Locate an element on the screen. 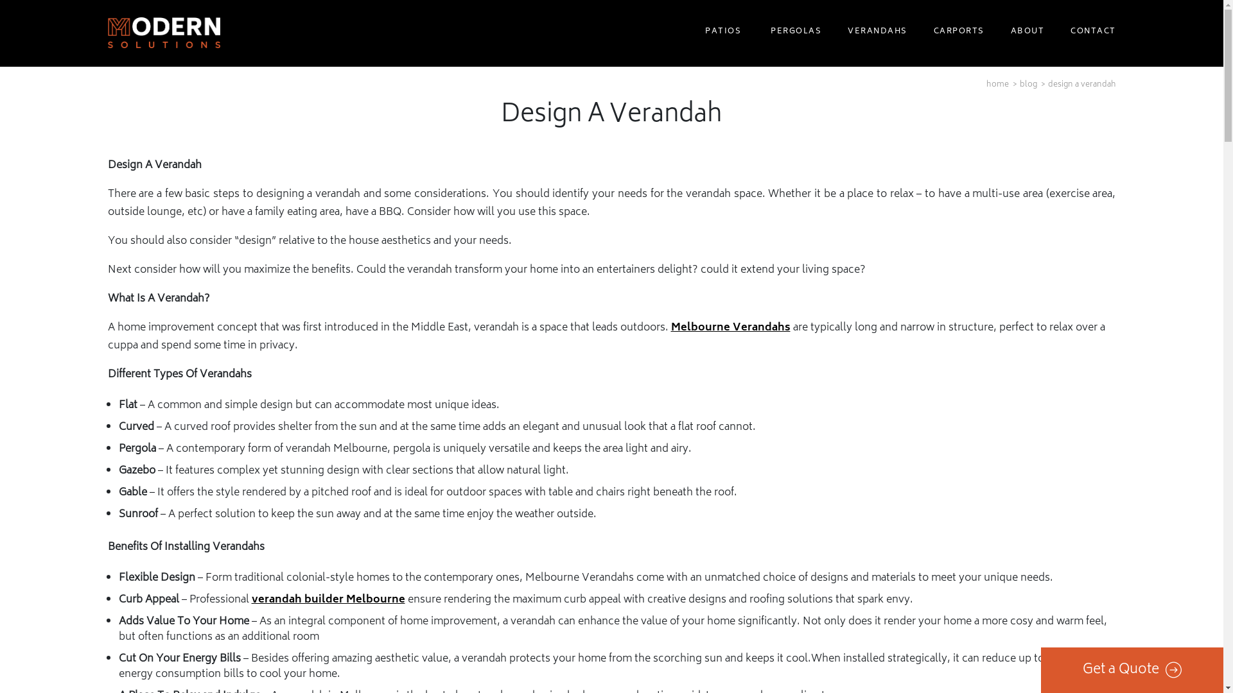 This screenshot has width=1233, height=693. 'CARPORTS' is located at coordinates (956, 31).